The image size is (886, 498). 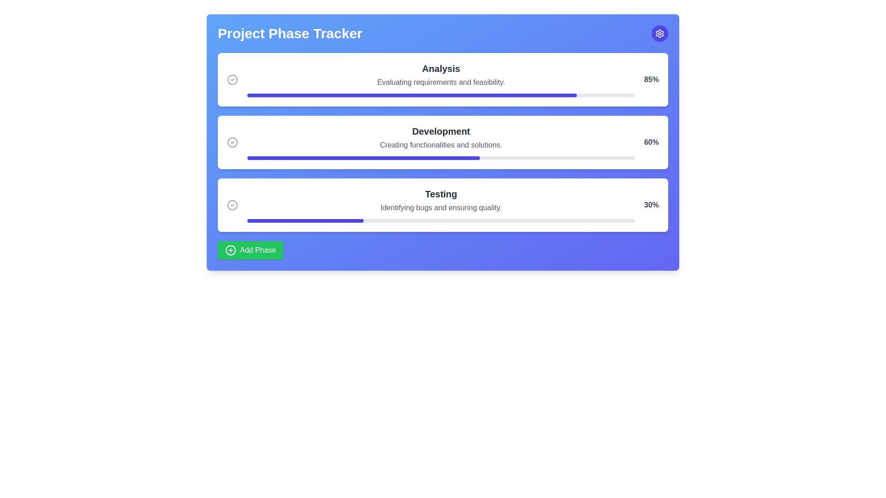 I want to click on the bold 'Analysis' heading element, which is styled in dark gray and positioned at the top of a card-like section, indicating its role as a key label, so click(x=440, y=68).